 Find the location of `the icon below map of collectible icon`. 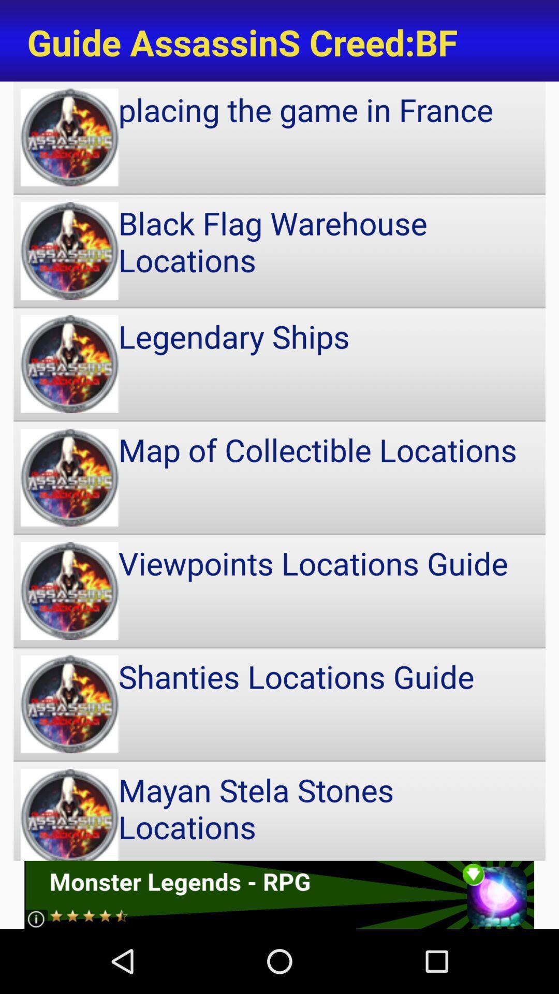

the icon below map of collectible icon is located at coordinates (279, 591).